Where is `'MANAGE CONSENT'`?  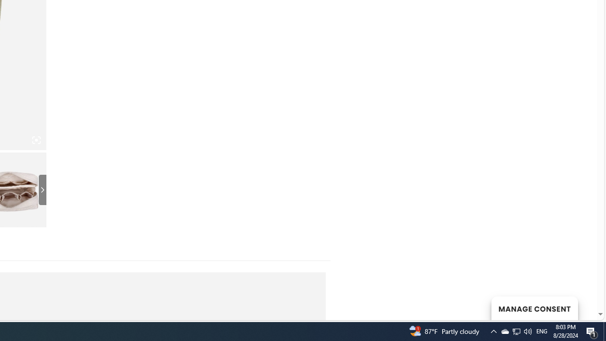
'MANAGE CONSENT' is located at coordinates (534, 308).